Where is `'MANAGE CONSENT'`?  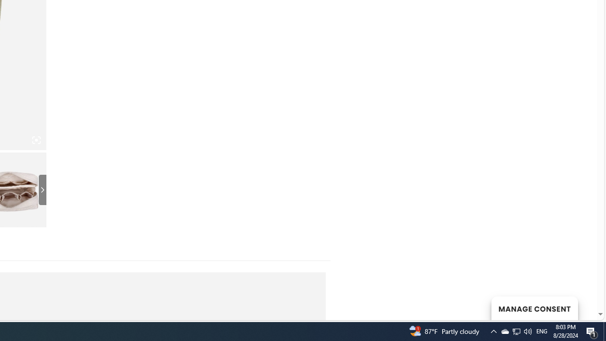
'MANAGE CONSENT' is located at coordinates (534, 308).